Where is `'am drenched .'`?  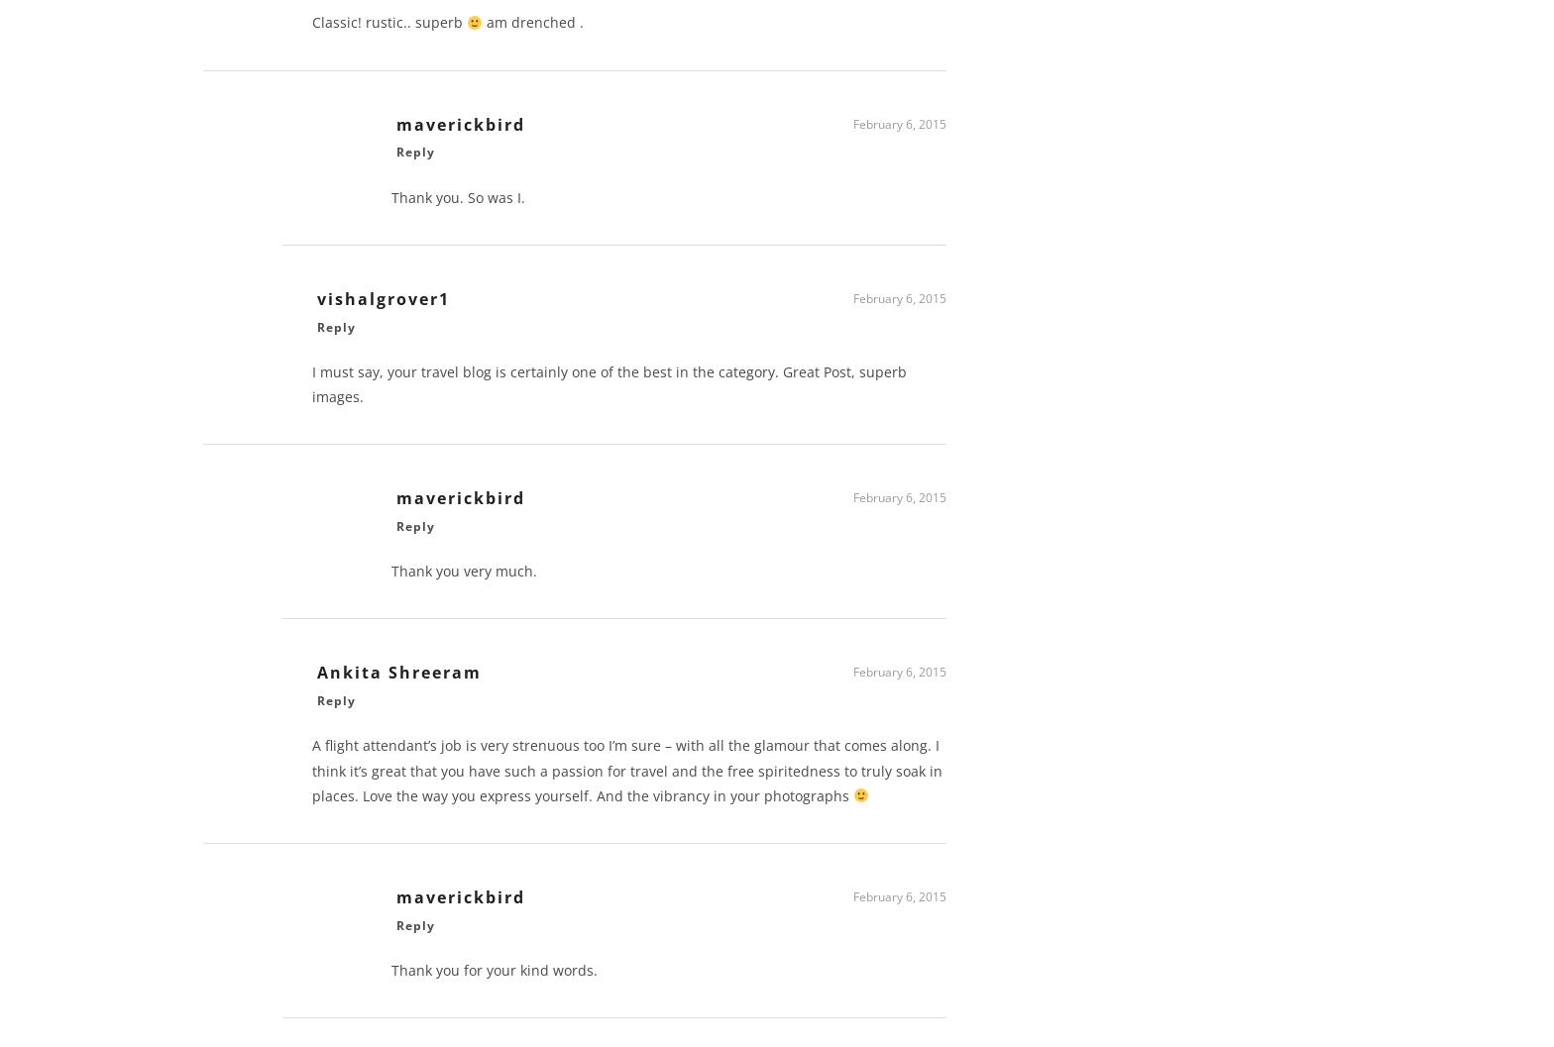 'am drenched .' is located at coordinates (532, 29).